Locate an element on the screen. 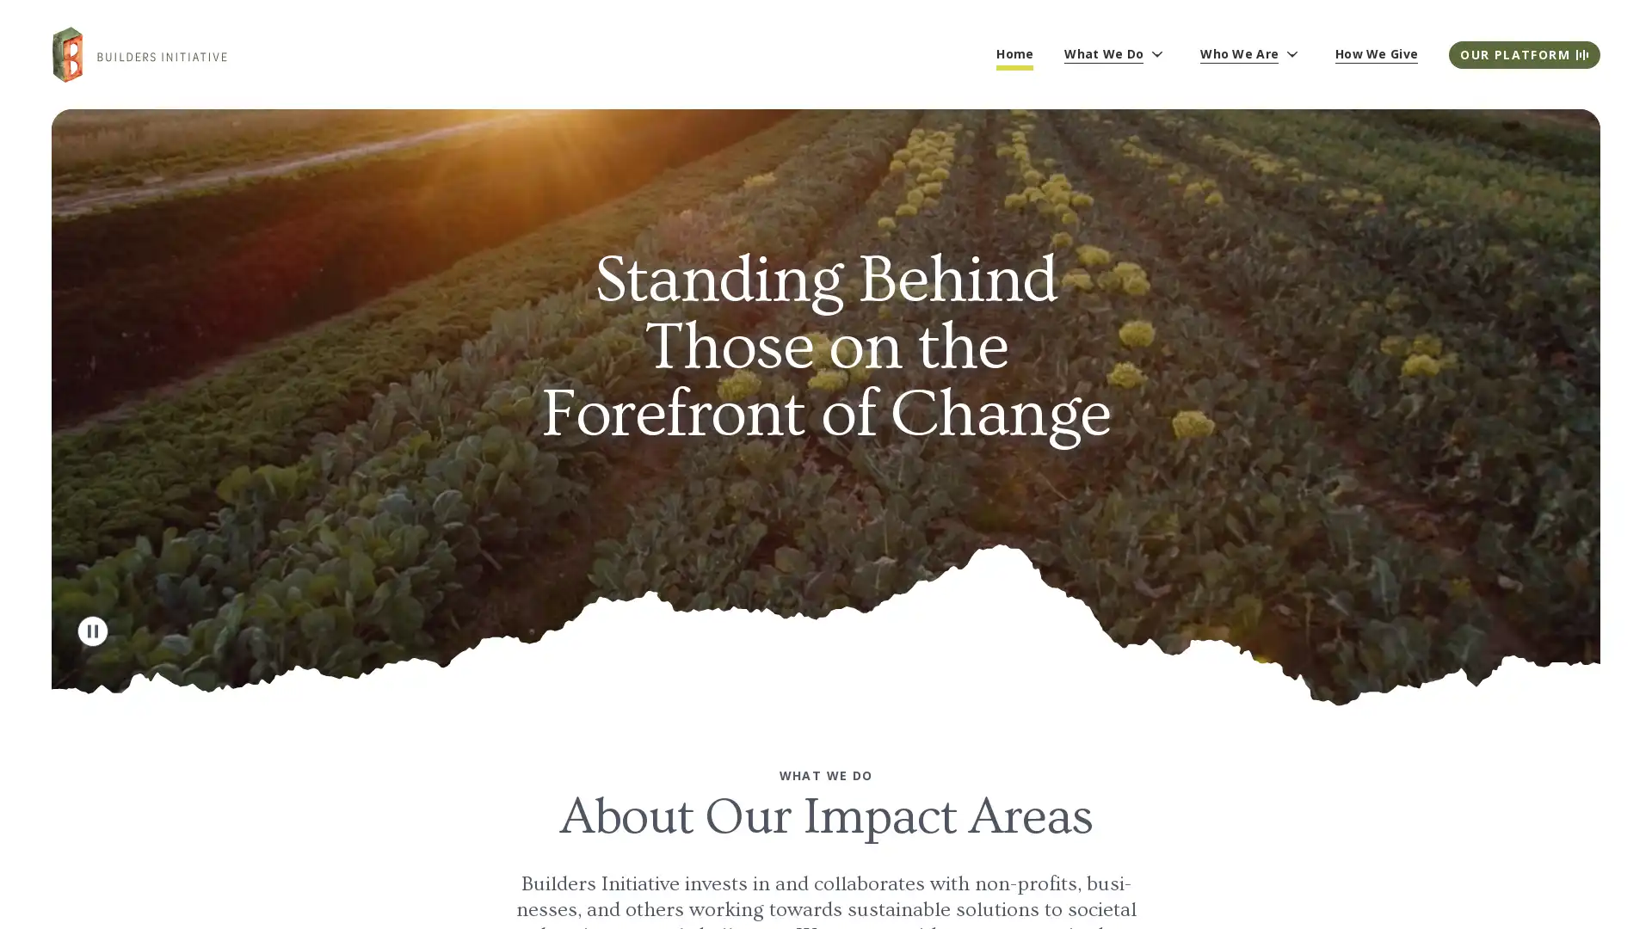  OUR PLATFORM is located at coordinates (1524, 52).